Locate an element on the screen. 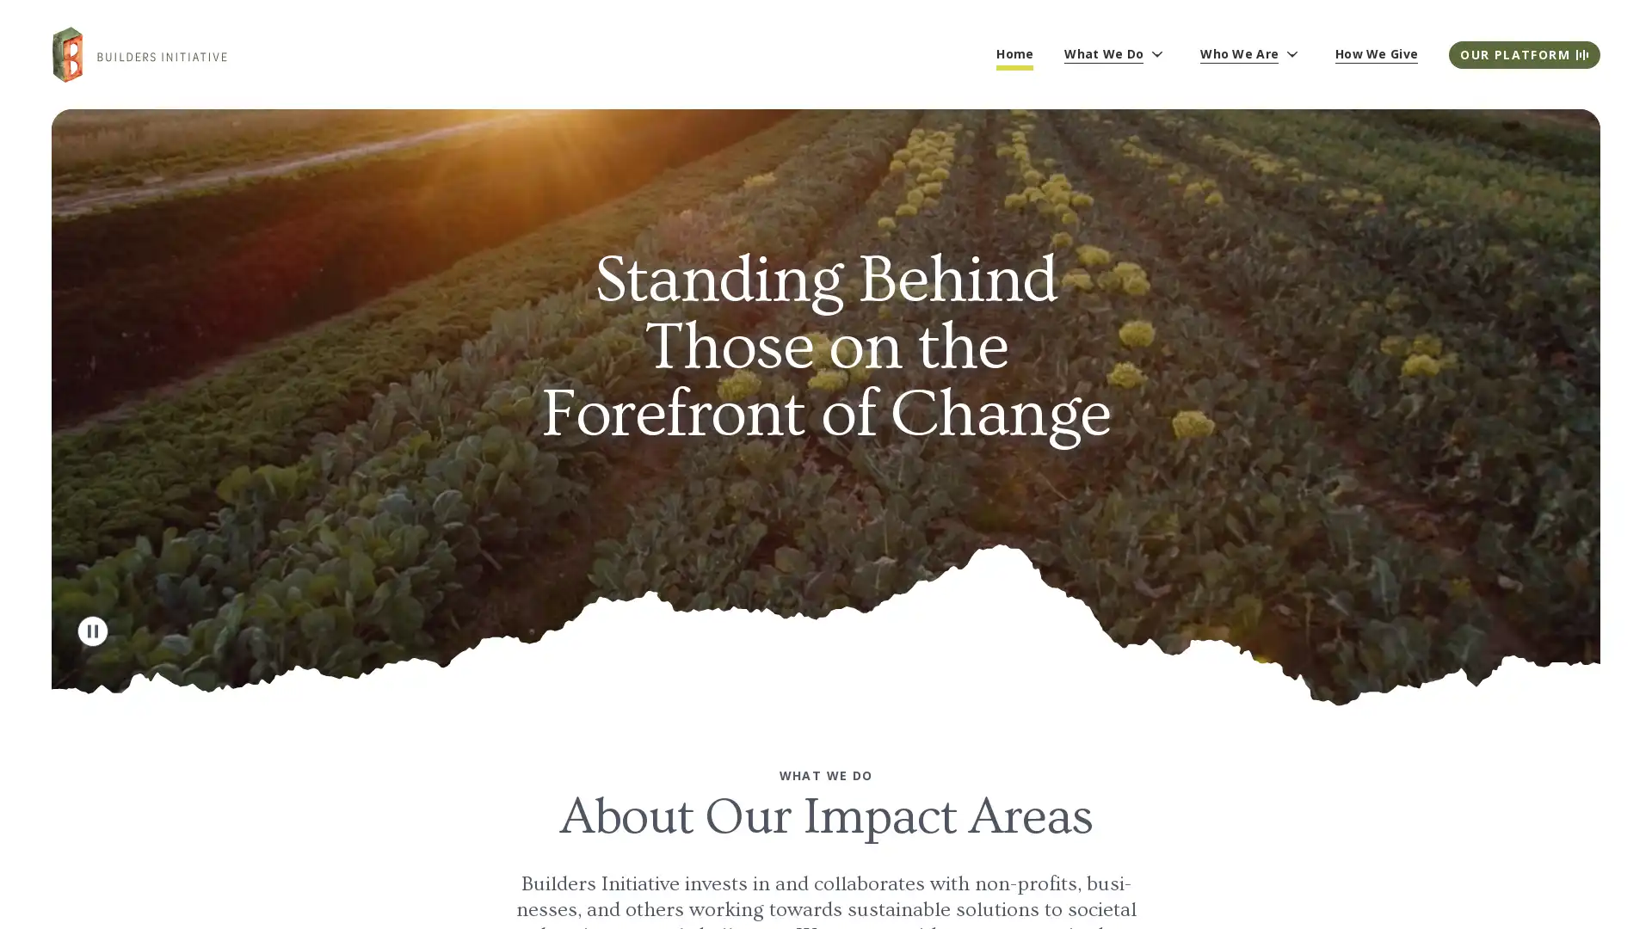  OUR PLATFORM is located at coordinates (1524, 52).